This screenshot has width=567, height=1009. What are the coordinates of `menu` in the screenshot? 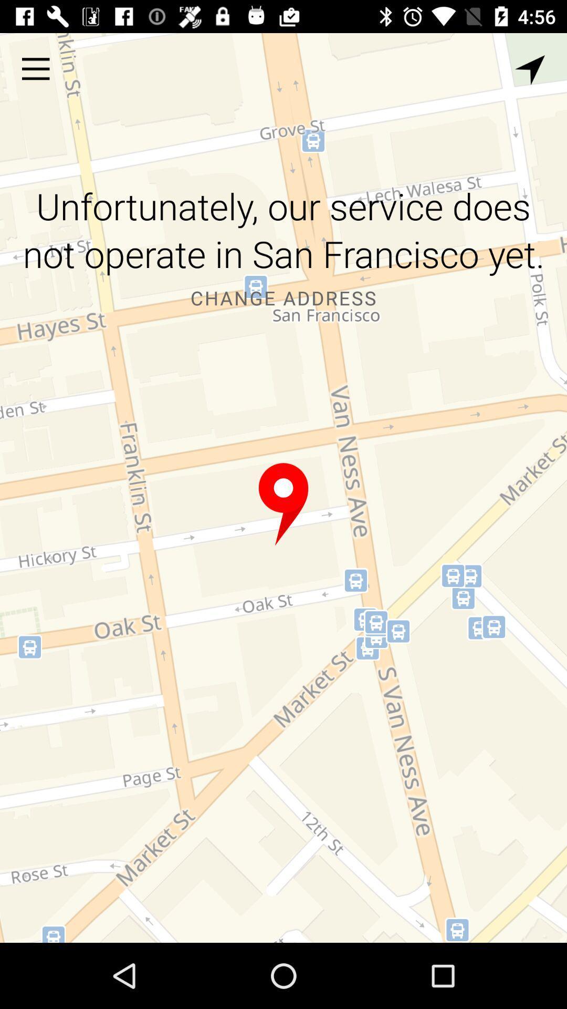 It's located at (35, 68).